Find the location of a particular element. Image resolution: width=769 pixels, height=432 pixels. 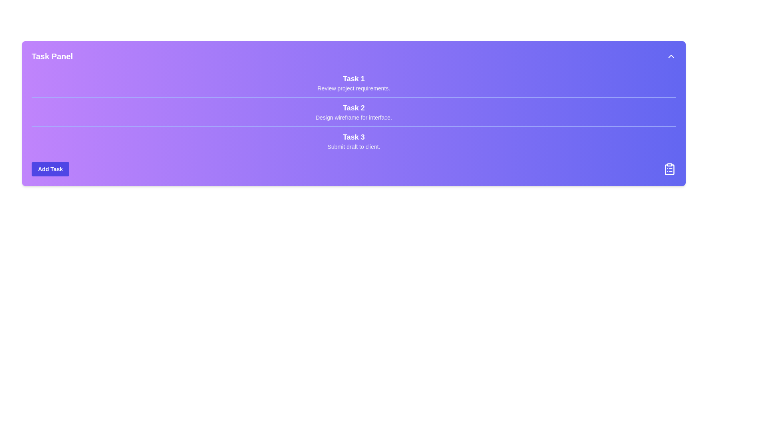

the upward-pointing chevron button located at the top-right corner of the purple 'Task Panel' is located at coordinates (671, 56).